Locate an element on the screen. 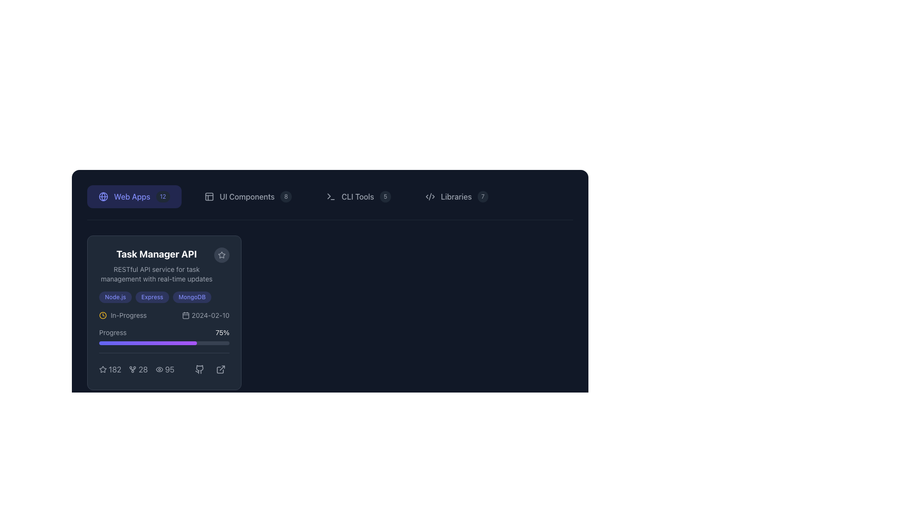 The image size is (920, 517). the 'Libraries' text label in the menu bar, which is located near the top of the interface and is part of a grouping with other items like 'Web Apps' and 'UI Components' is located at coordinates (456, 196).